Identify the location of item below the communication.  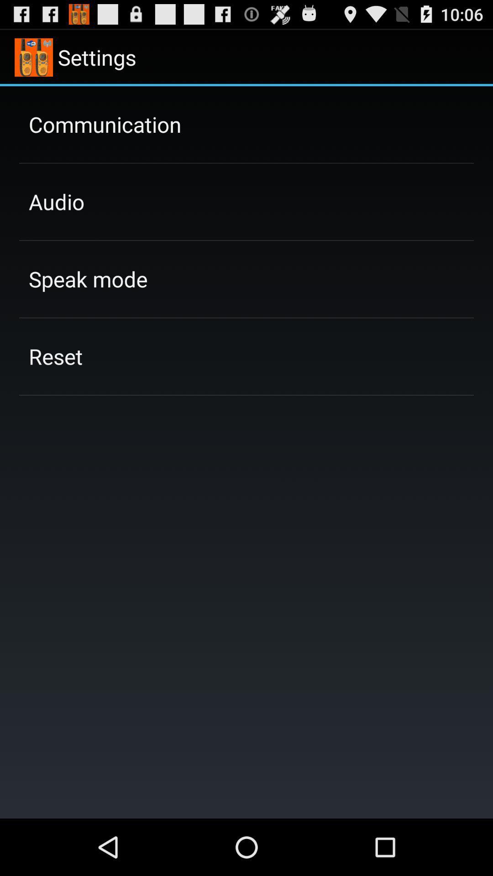
(57, 201).